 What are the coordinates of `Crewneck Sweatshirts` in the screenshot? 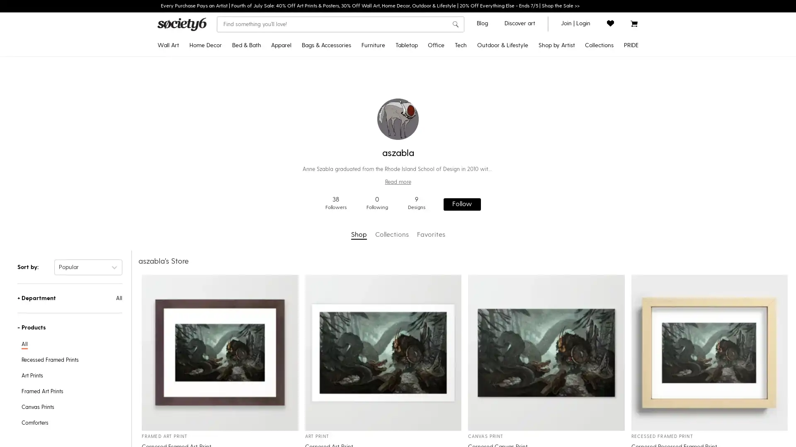 It's located at (307, 79).